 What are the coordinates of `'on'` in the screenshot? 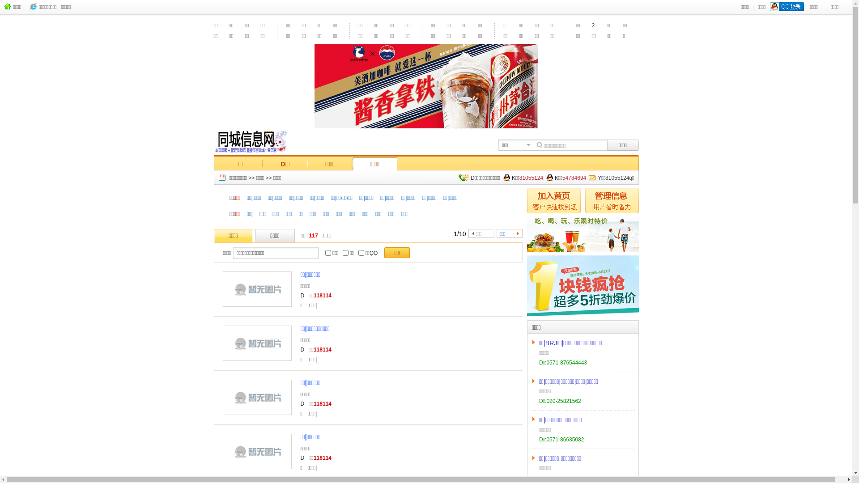 It's located at (361, 269).